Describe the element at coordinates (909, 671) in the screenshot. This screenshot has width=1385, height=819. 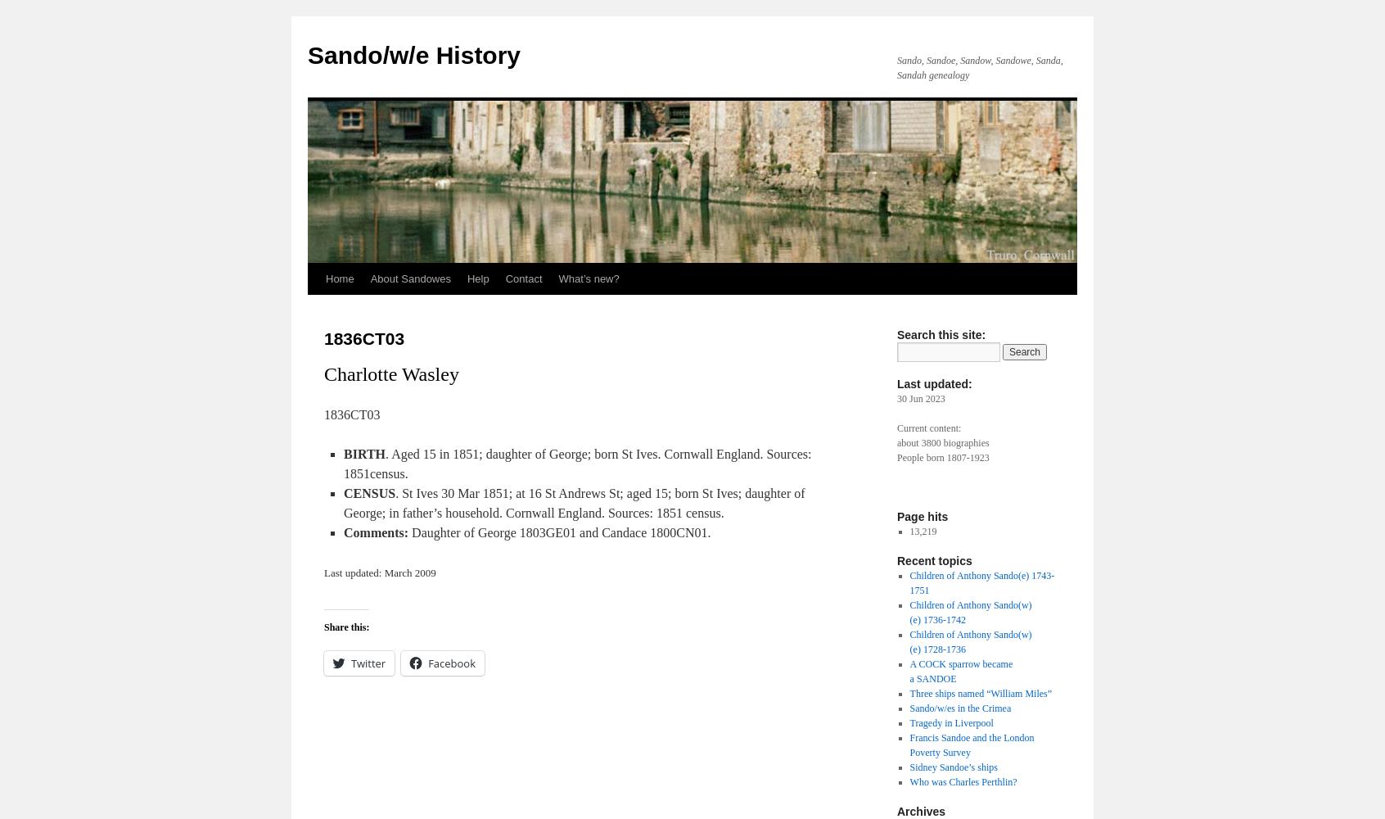
I see `'A COCK sparrow became a SANDOE'` at that location.